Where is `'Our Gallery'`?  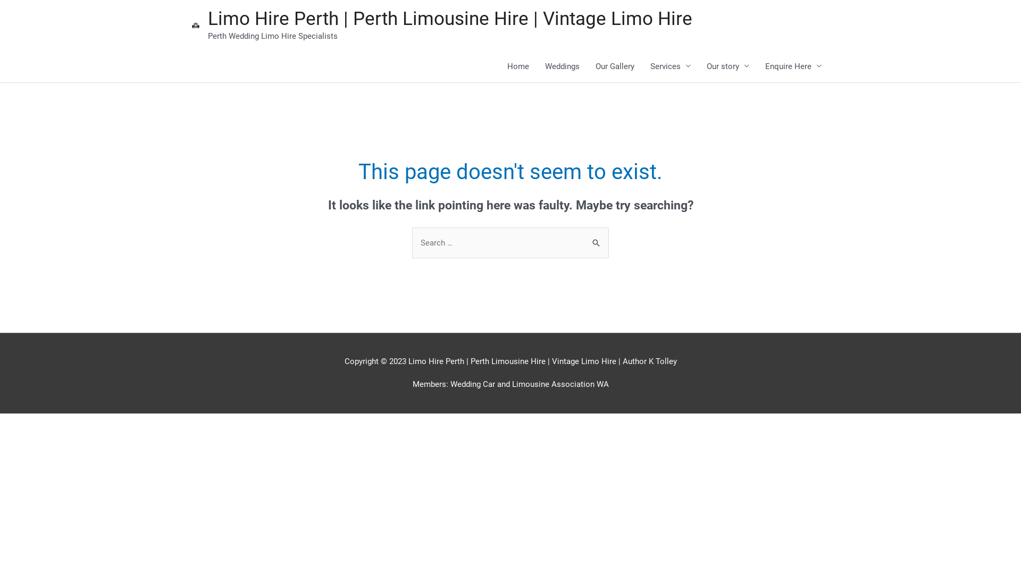 'Our Gallery' is located at coordinates (615, 65).